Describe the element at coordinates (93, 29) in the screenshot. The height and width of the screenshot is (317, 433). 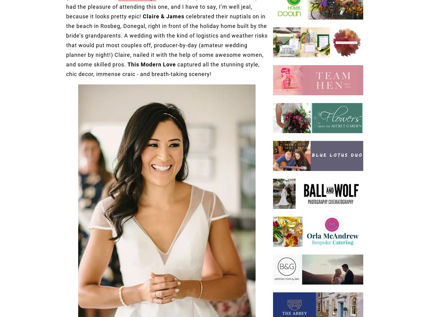
I see `'Wedding Dress & Accessories'` at that location.